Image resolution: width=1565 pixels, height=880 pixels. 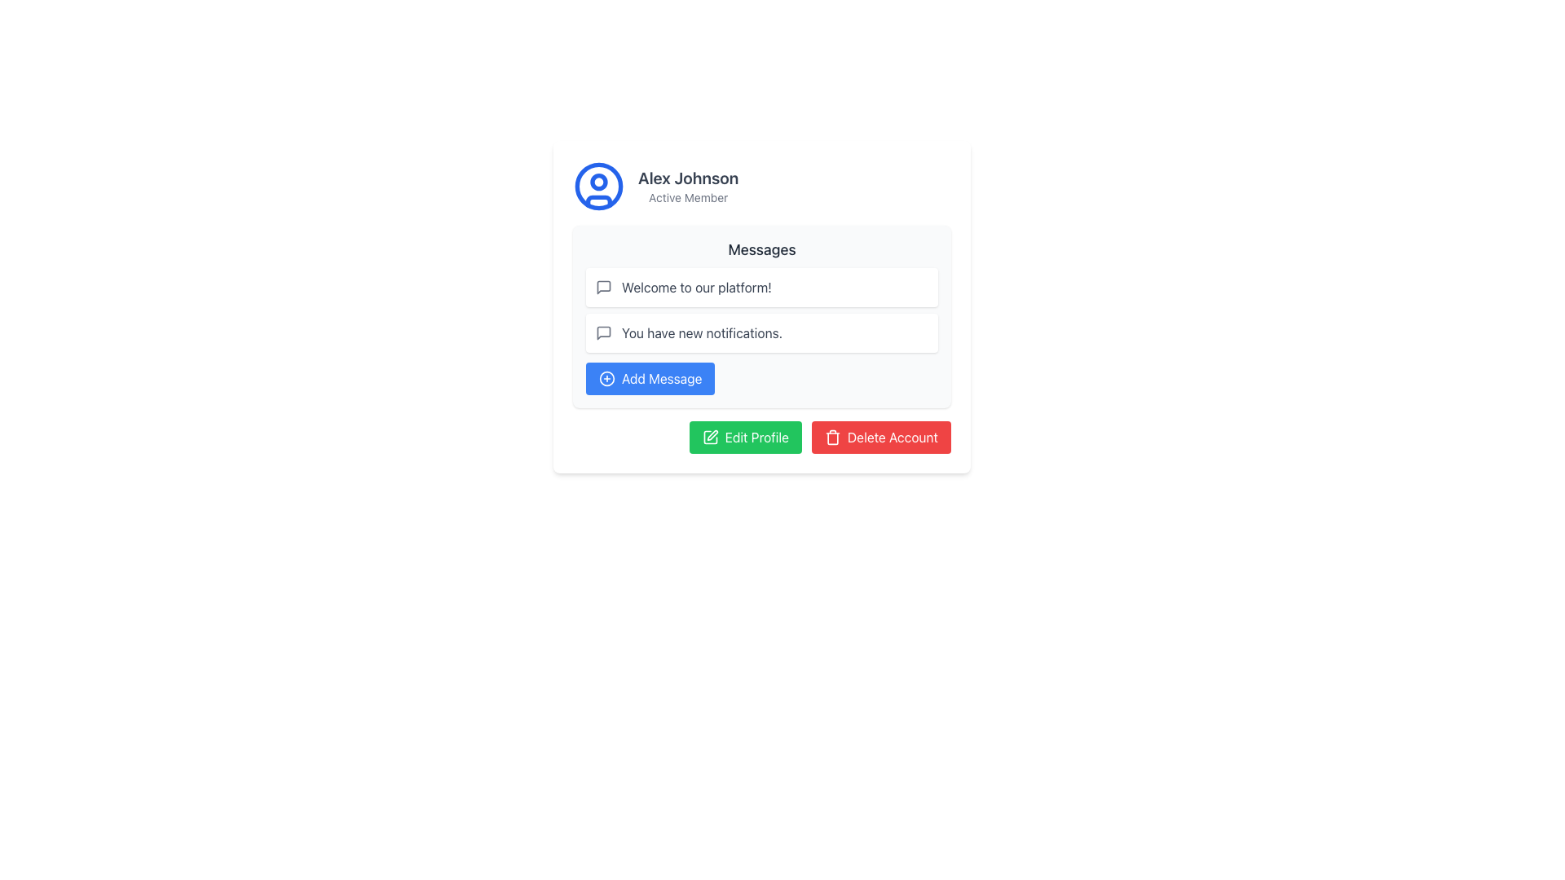 I want to click on the rectangular green button with white text 'Edit Profile' and a white pen icon on its left side, so click(x=743, y=436).